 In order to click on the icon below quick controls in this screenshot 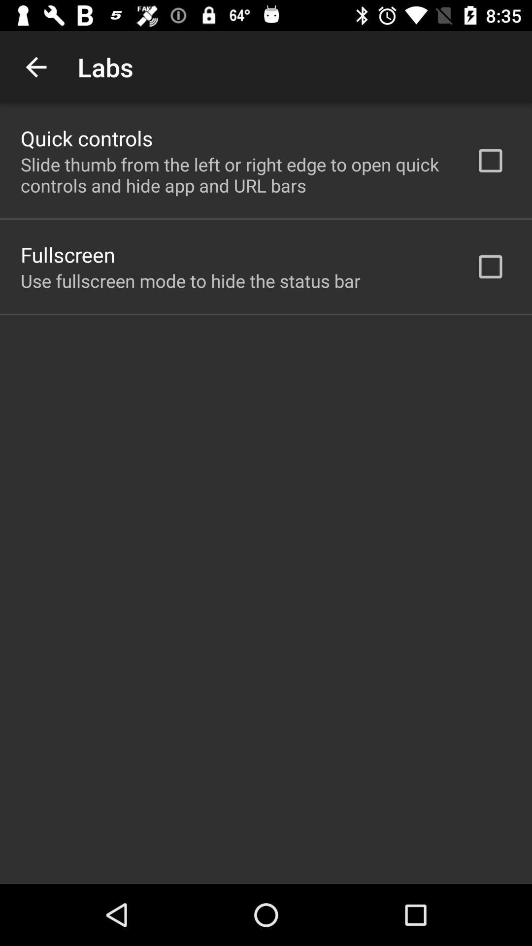, I will do `click(235, 175)`.